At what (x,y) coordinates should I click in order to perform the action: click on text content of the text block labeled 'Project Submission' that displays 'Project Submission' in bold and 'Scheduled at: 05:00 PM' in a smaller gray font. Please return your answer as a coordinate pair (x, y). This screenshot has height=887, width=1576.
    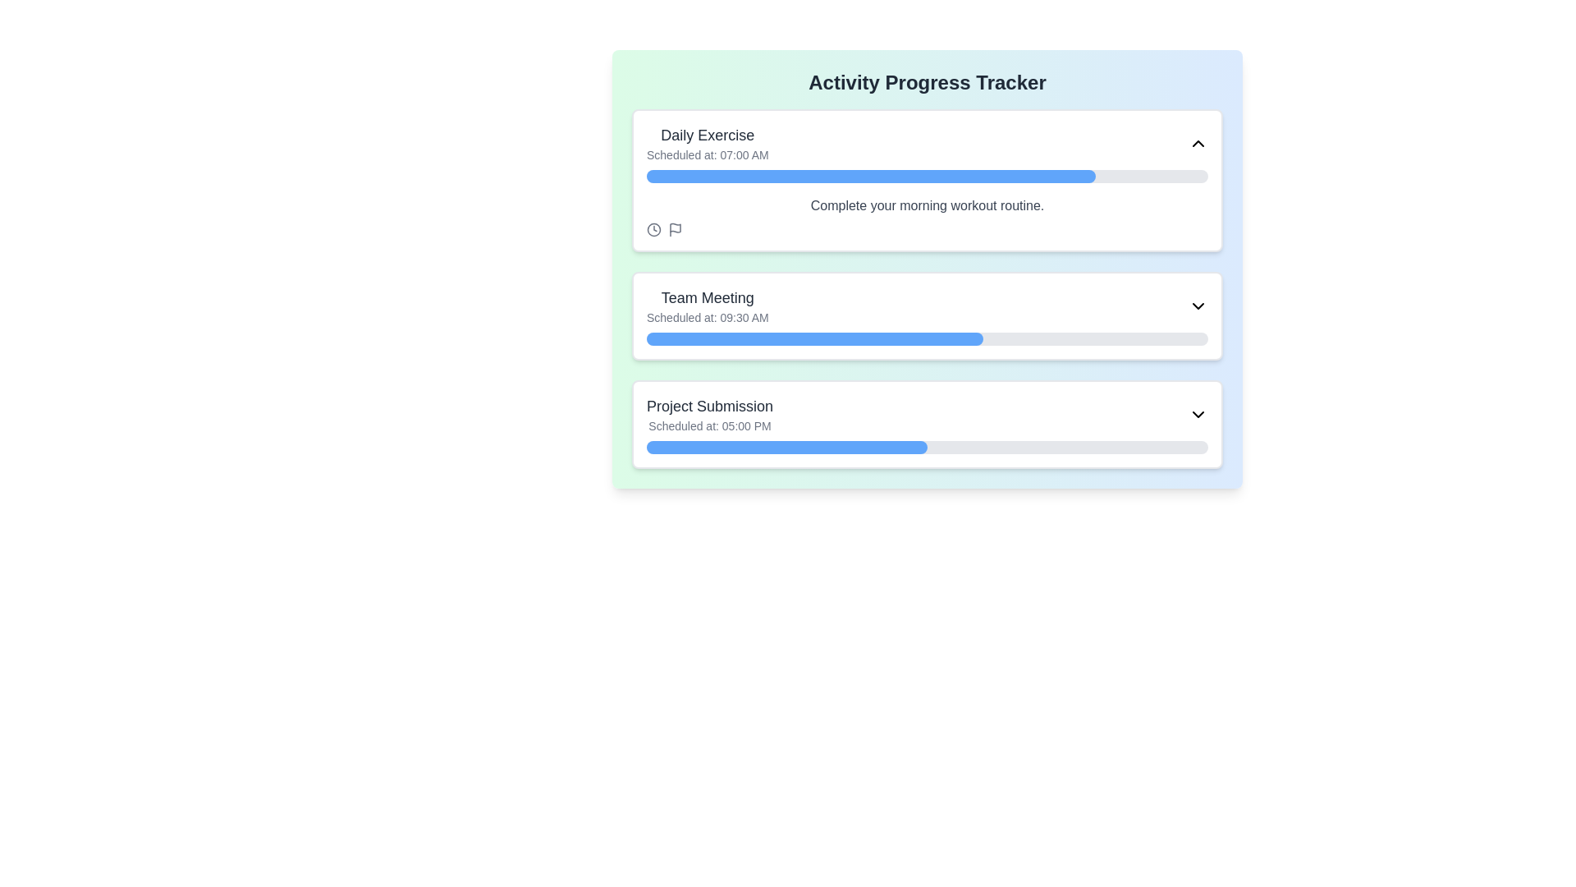
    Looking at the image, I should click on (709, 414).